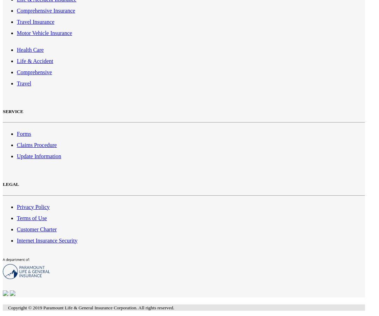 The height and width of the screenshot is (316, 379). What do you see at coordinates (36, 145) in the screenshot?
I see `'Claims Procedure'` at bounding box center [36, 145].